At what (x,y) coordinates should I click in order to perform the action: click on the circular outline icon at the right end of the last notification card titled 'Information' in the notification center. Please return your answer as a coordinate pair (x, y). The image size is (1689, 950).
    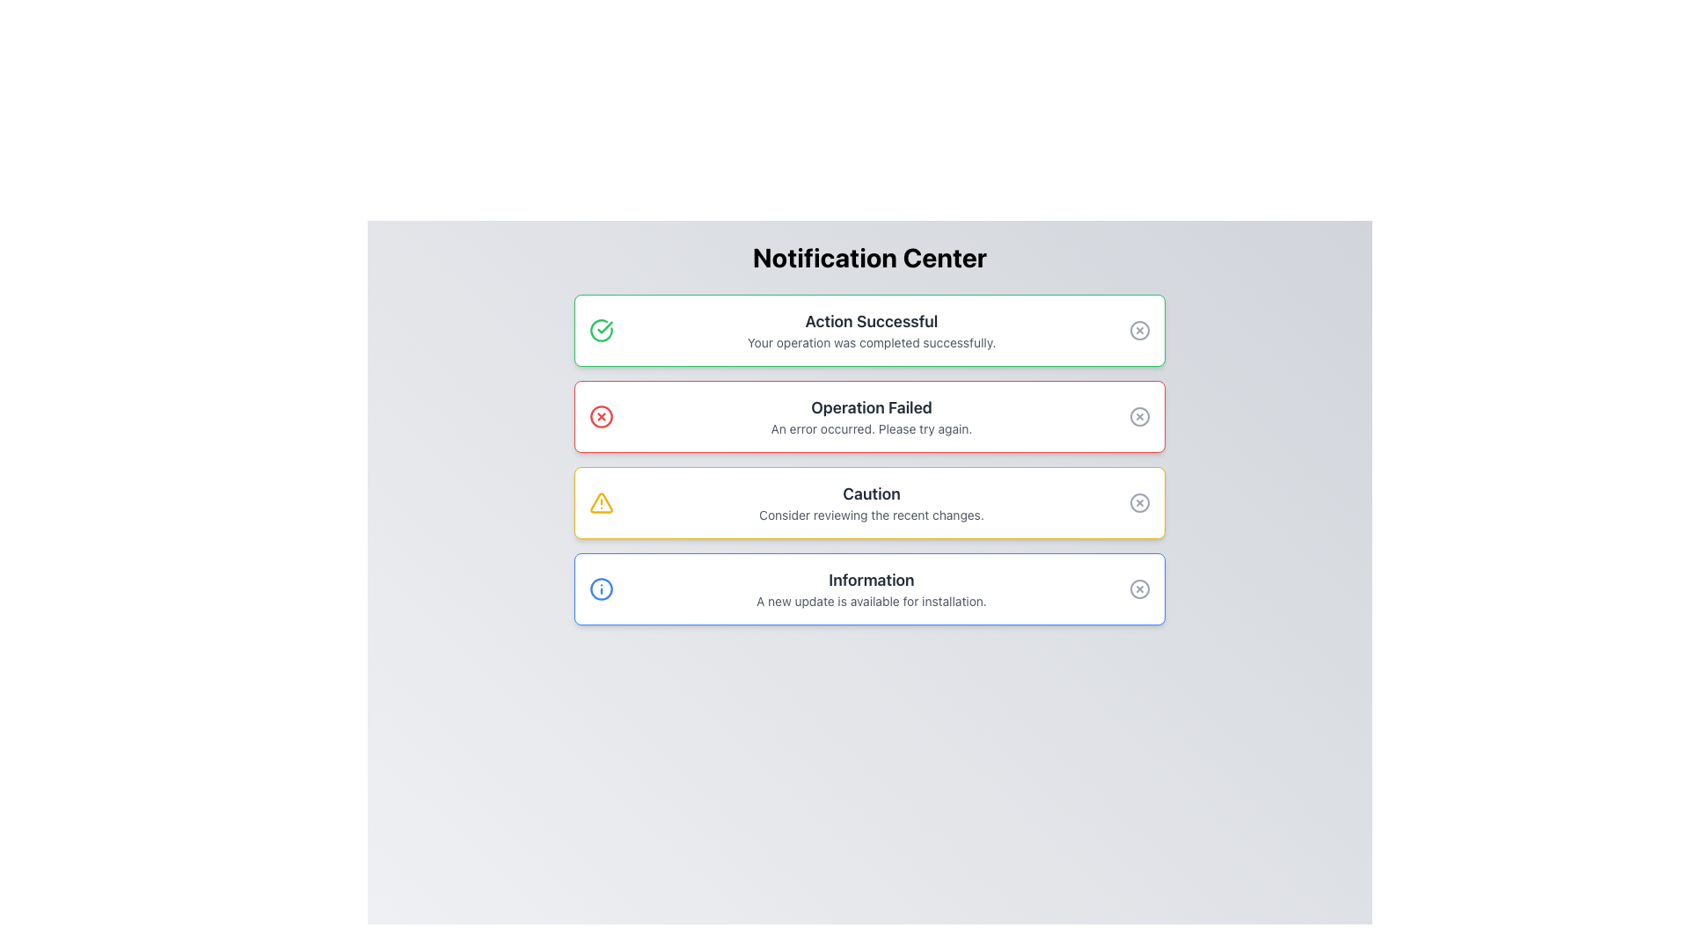
    Looking at the image, I should click on (1140, 589).